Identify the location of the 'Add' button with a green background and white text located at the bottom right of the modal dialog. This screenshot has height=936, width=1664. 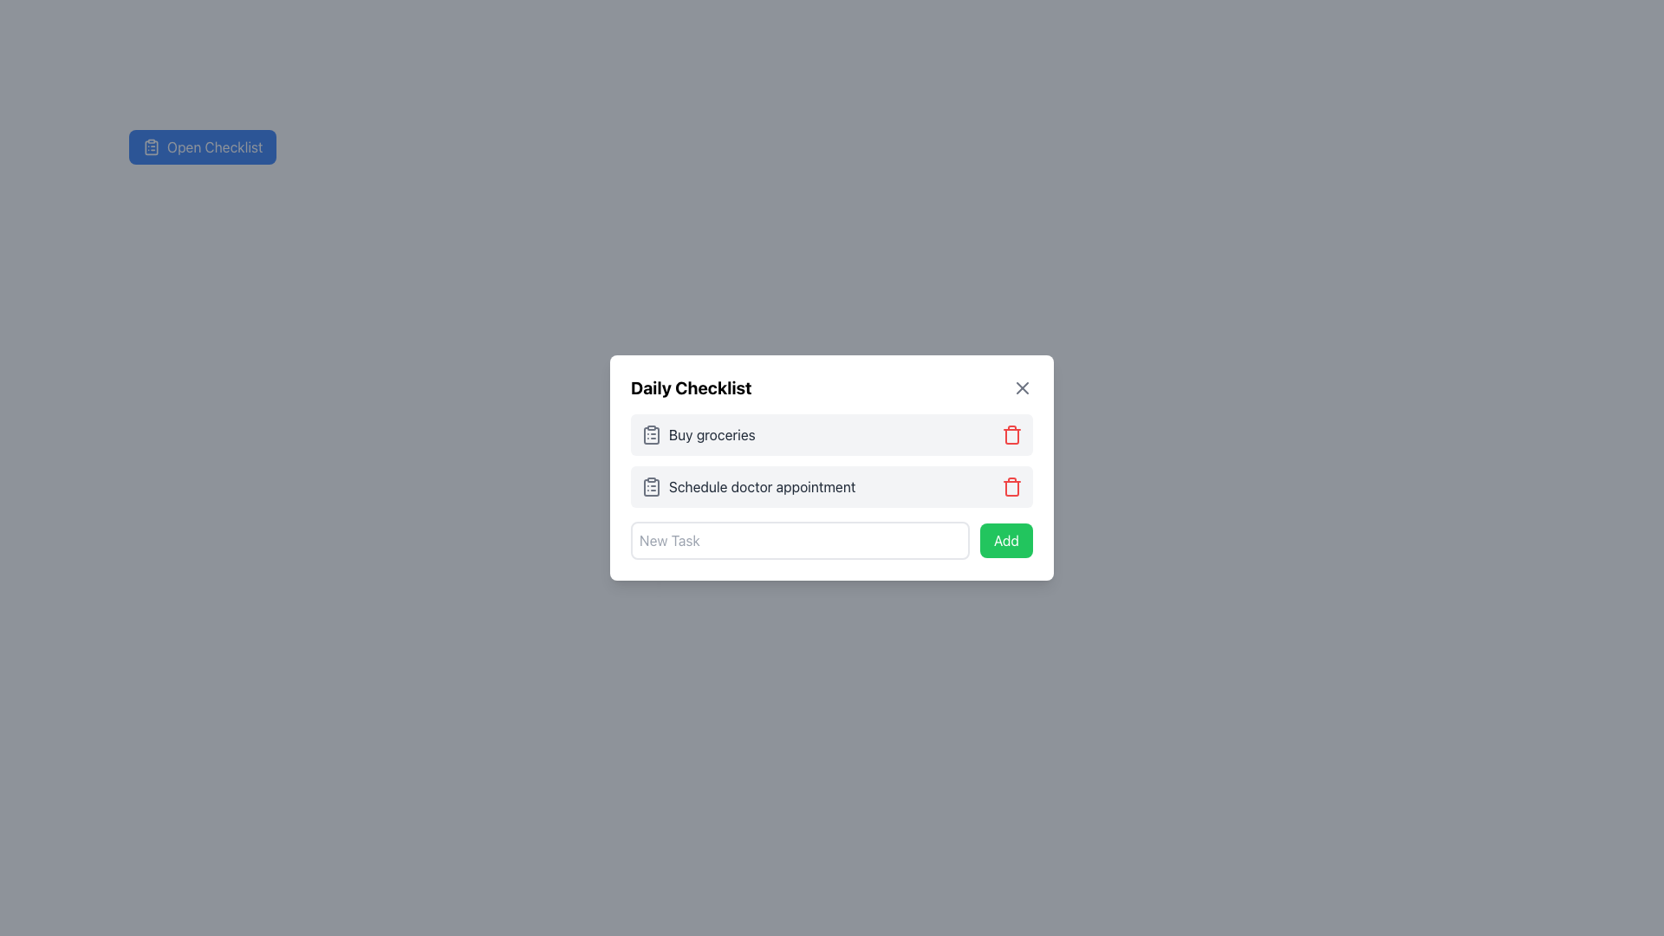
(1006, 540).